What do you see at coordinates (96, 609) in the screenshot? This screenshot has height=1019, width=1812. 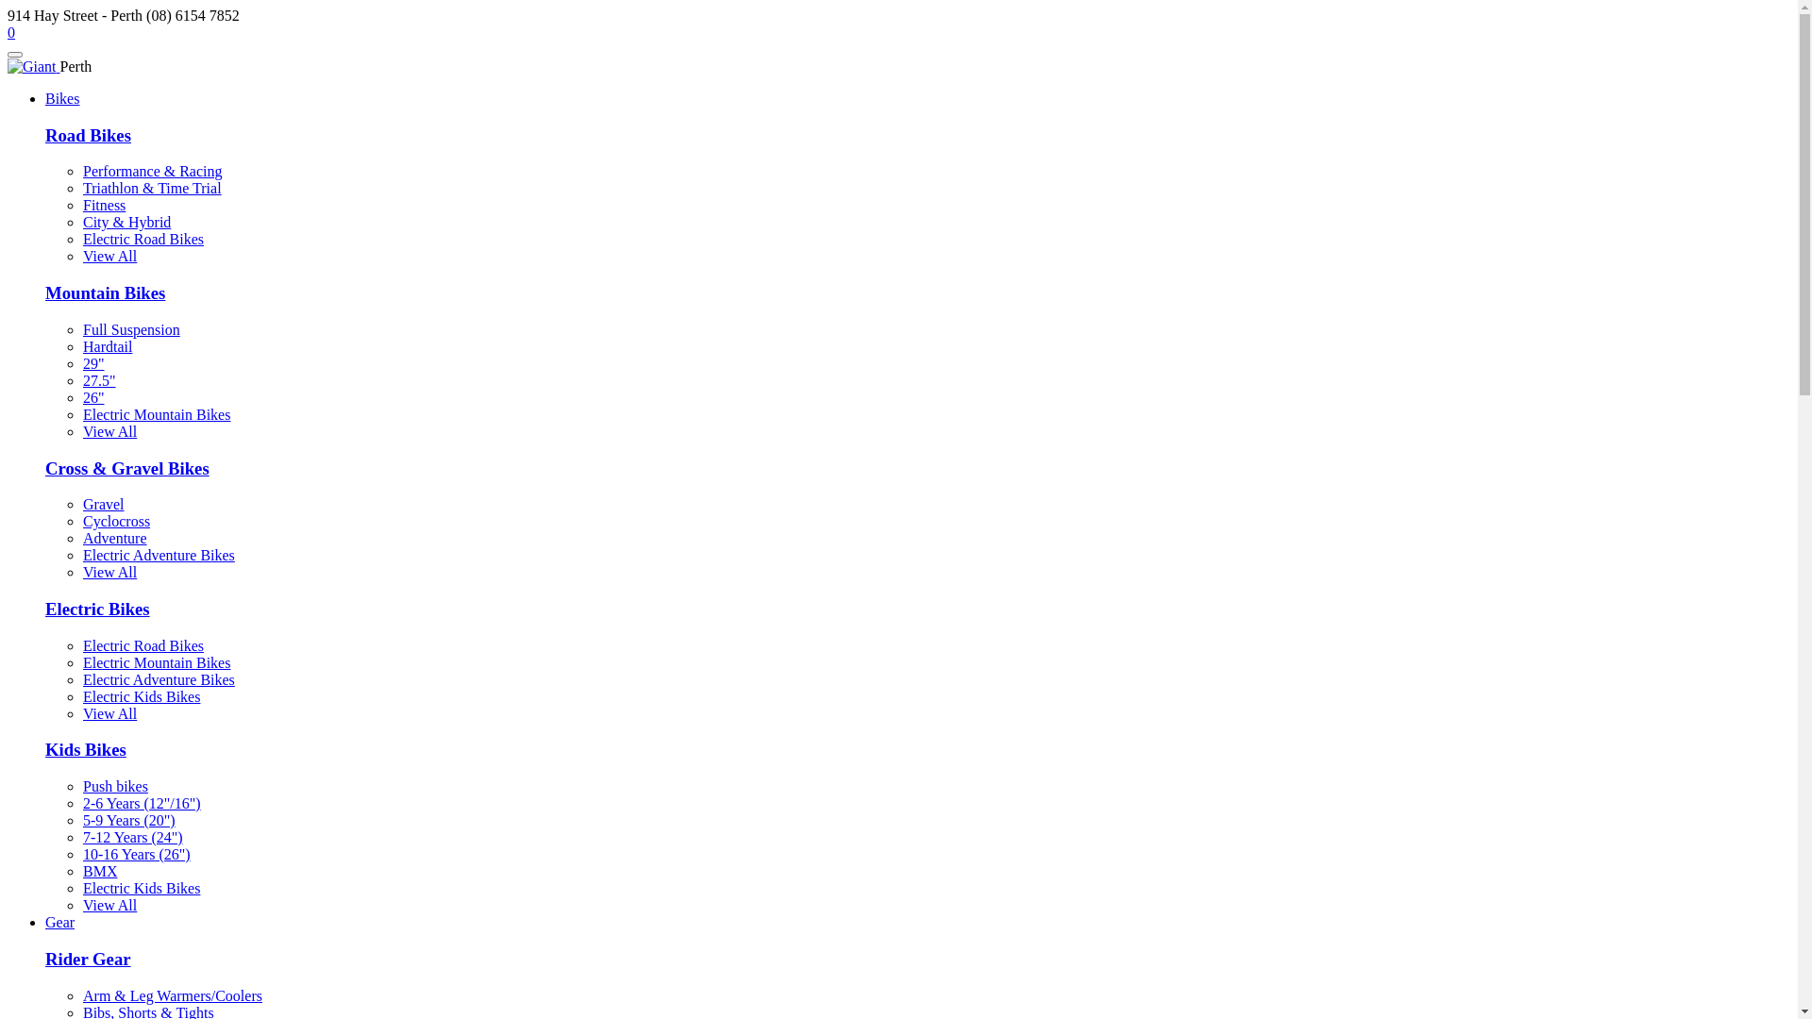 I see `'Electric Bikes'` at bounding box center [96, 609].